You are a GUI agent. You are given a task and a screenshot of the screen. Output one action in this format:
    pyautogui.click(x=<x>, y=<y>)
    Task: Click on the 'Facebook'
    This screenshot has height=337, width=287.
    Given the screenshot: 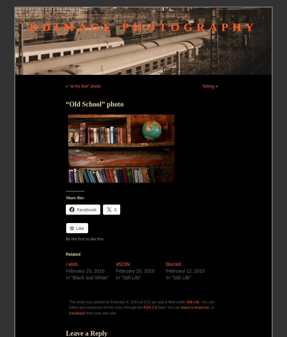 What is the action you would take?
    pyautogui.click(x=86, y=209)
    